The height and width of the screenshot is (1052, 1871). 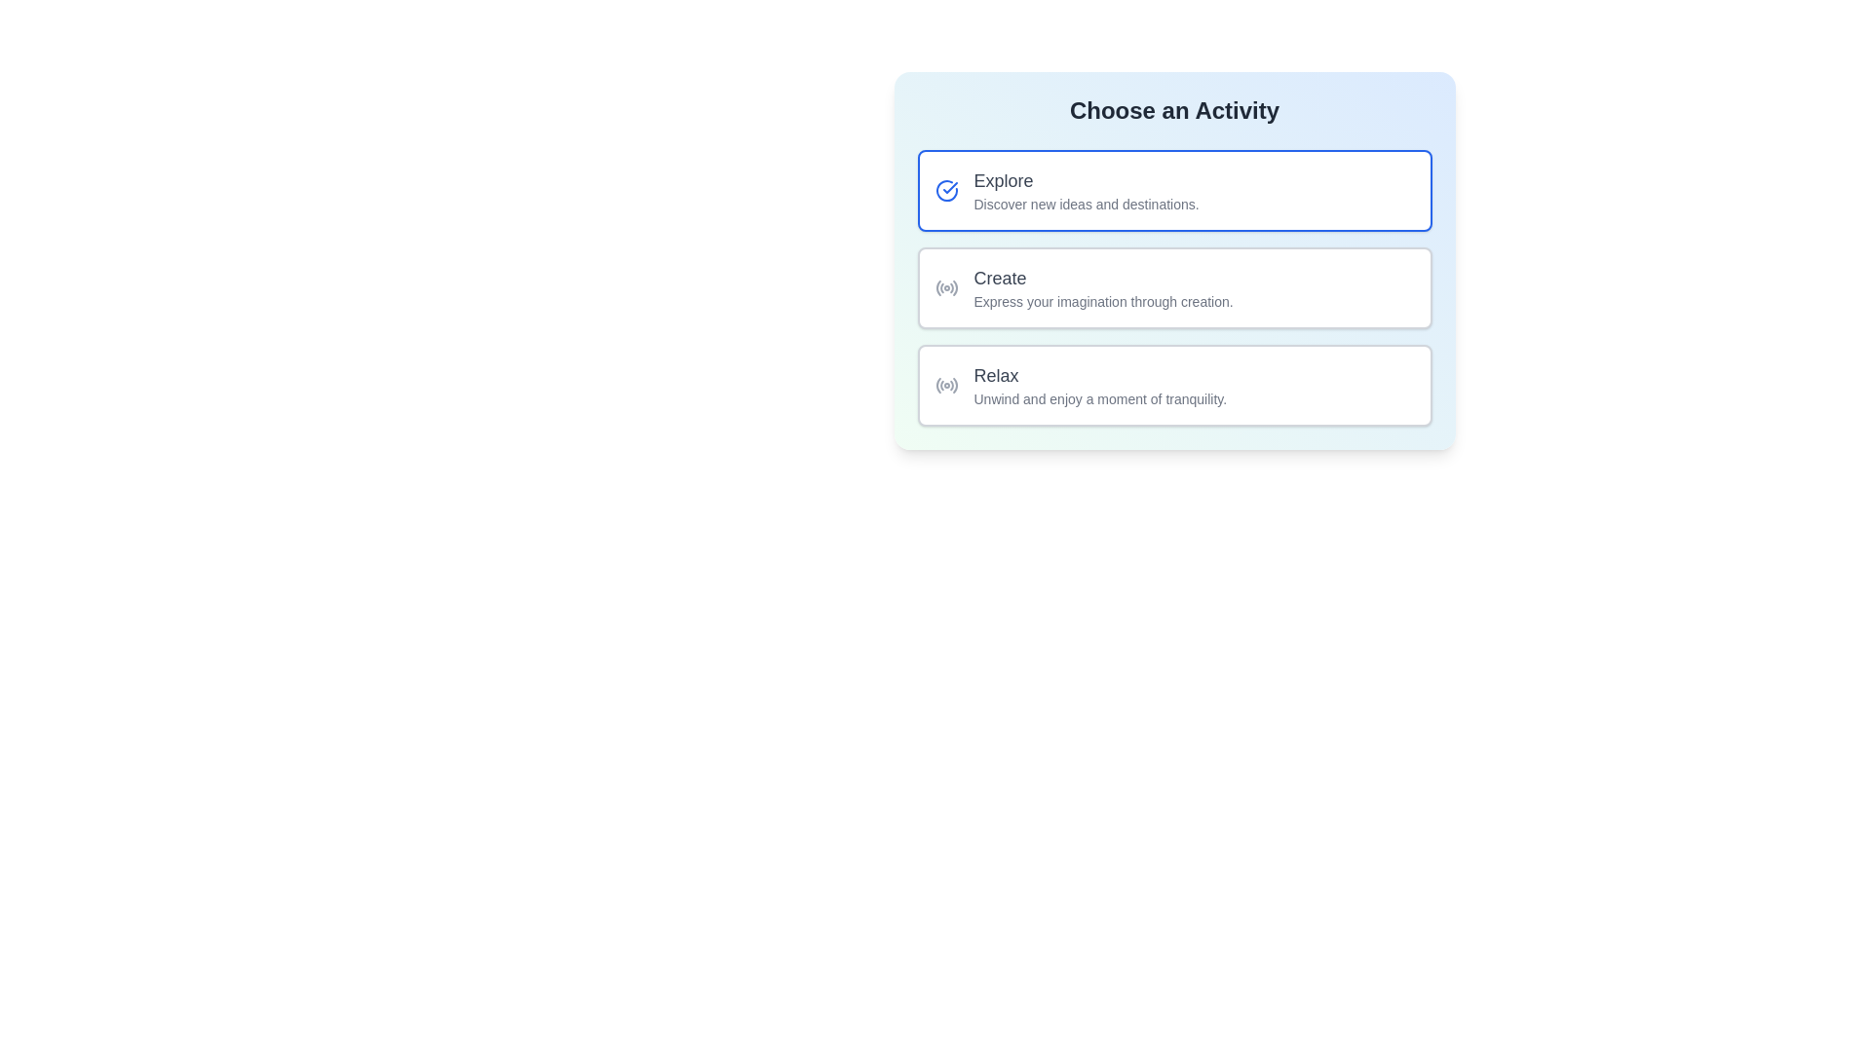 I want to click on the fifth and outermost curved line of the circular radio button-like graphic, which is styled with a gray stroke and no fill, located to the left of the 'Create' option text, so click(x=954, y=287).